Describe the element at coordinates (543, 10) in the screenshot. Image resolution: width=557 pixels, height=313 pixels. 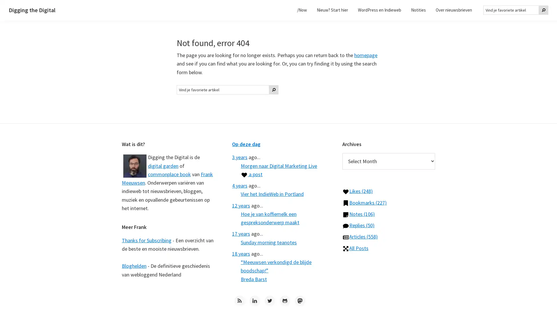
I see `Search` at that location.